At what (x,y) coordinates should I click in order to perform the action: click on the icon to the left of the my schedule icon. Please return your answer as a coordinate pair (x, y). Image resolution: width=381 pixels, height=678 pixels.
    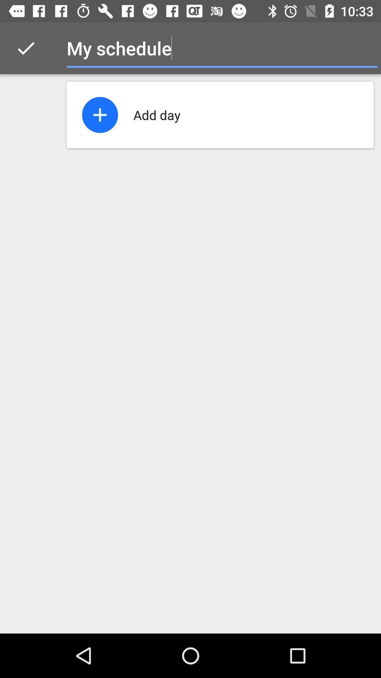
    Looking at the image, I should click on (25, 48).